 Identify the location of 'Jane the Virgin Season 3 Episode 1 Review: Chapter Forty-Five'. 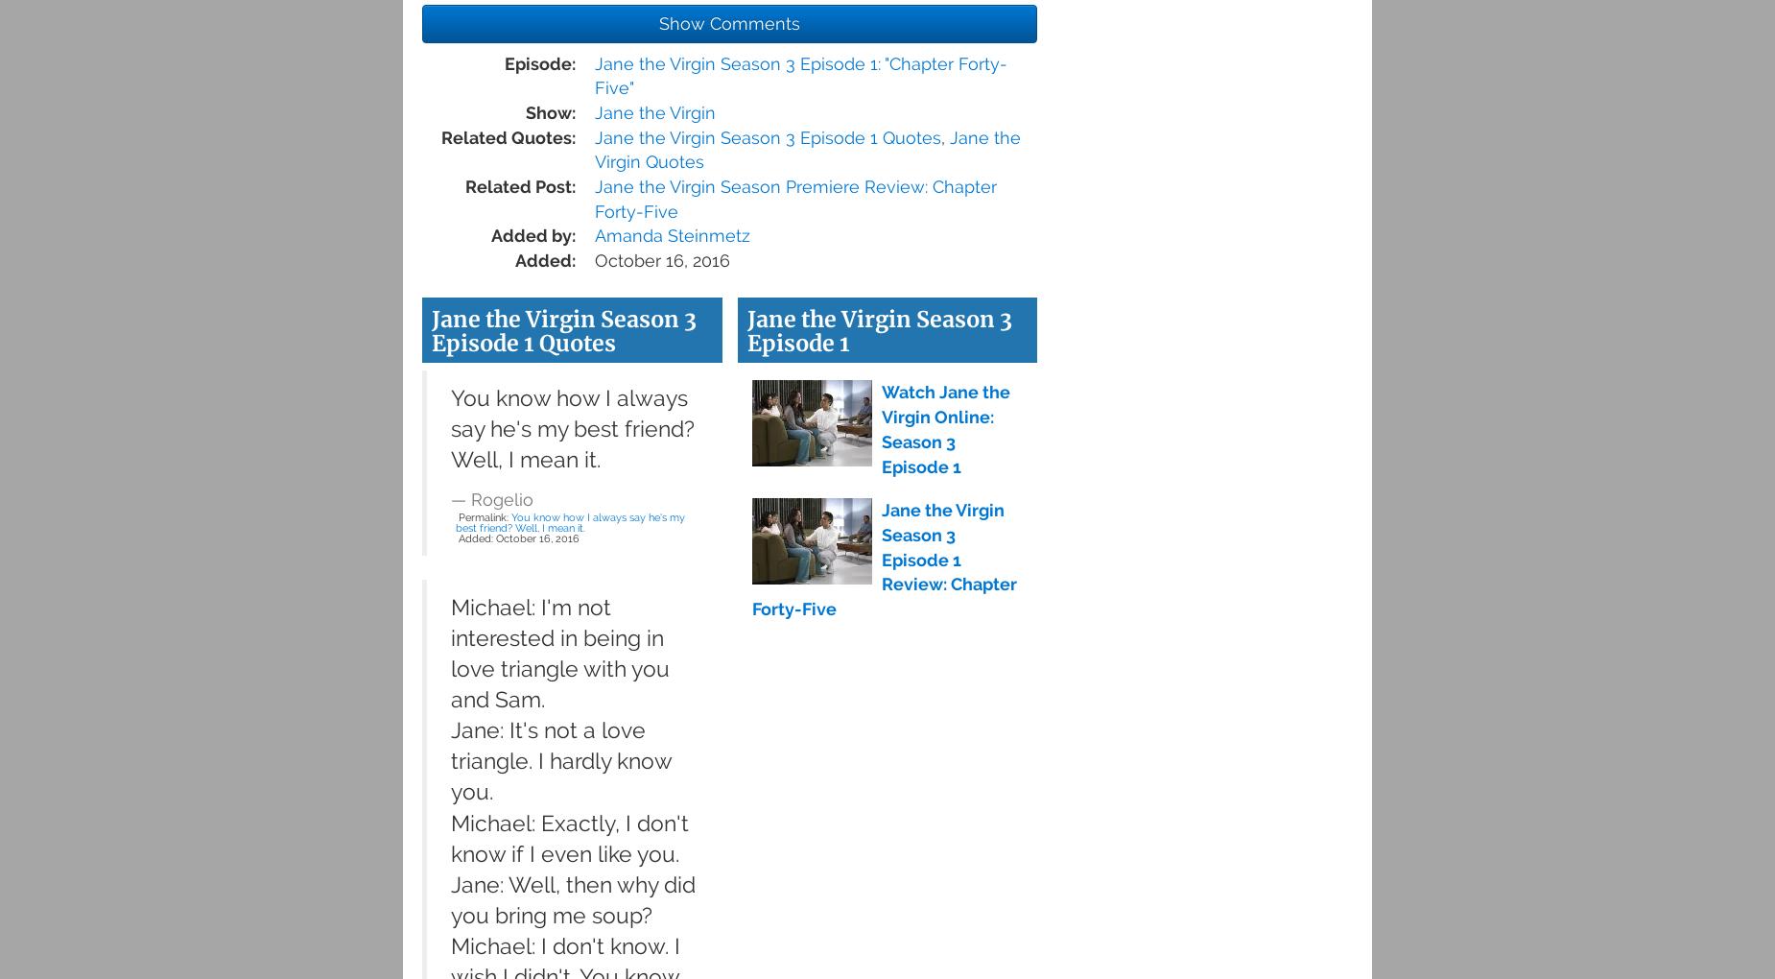
(883, 560).